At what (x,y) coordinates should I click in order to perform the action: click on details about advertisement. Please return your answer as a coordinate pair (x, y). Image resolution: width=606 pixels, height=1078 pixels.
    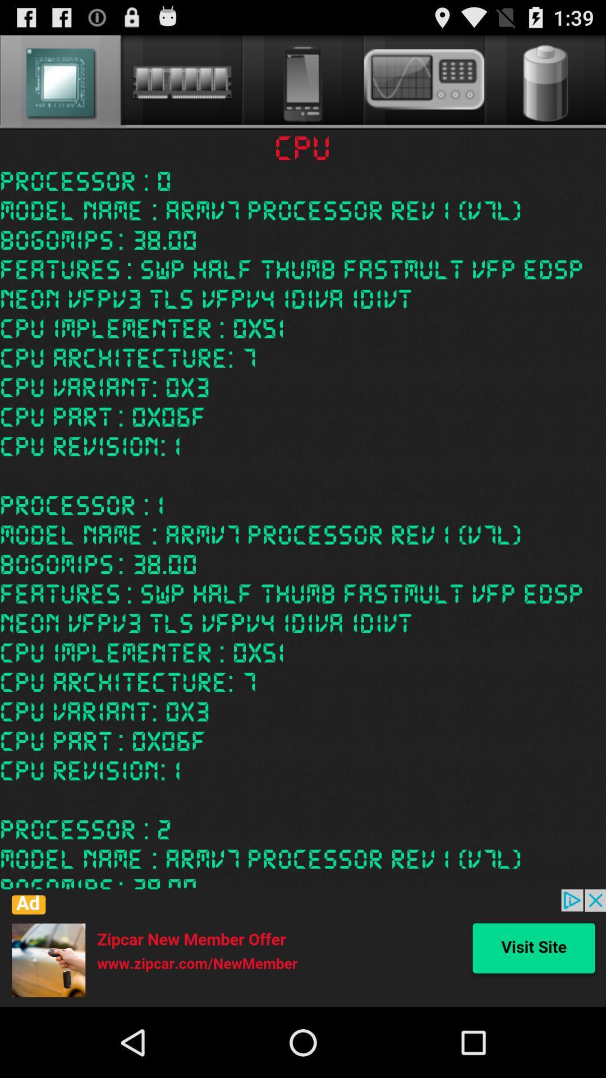
    Looking at the image, I should click on (303, 948).